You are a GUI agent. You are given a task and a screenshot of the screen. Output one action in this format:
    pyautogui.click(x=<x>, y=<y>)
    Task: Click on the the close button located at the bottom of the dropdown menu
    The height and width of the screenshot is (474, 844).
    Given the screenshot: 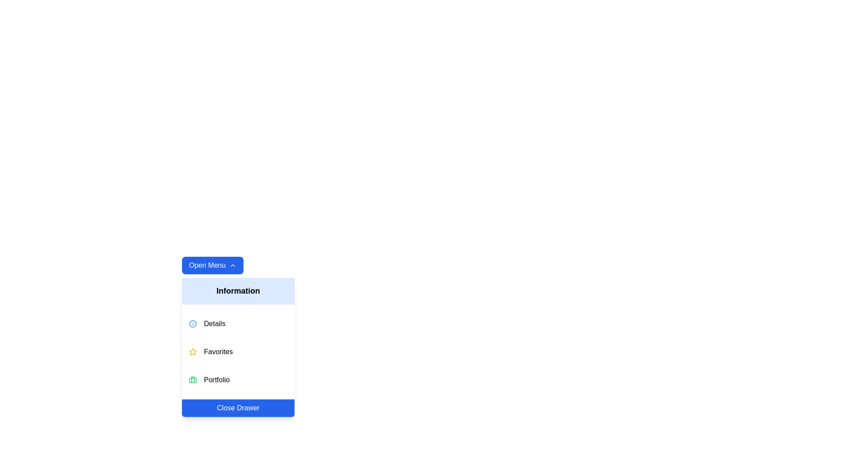 What is the action you would take?
    pyautogui.click(x=238, y=408)
    